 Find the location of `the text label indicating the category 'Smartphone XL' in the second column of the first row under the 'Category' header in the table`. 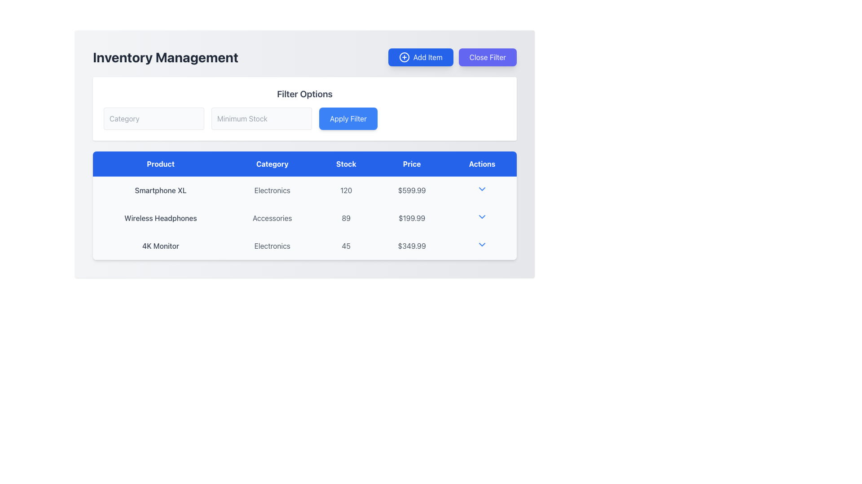

the text label indicating the category 'Smartphone XL' in the second column of the first row under the 'Category' header in the table is located at coordinates (272, 190).